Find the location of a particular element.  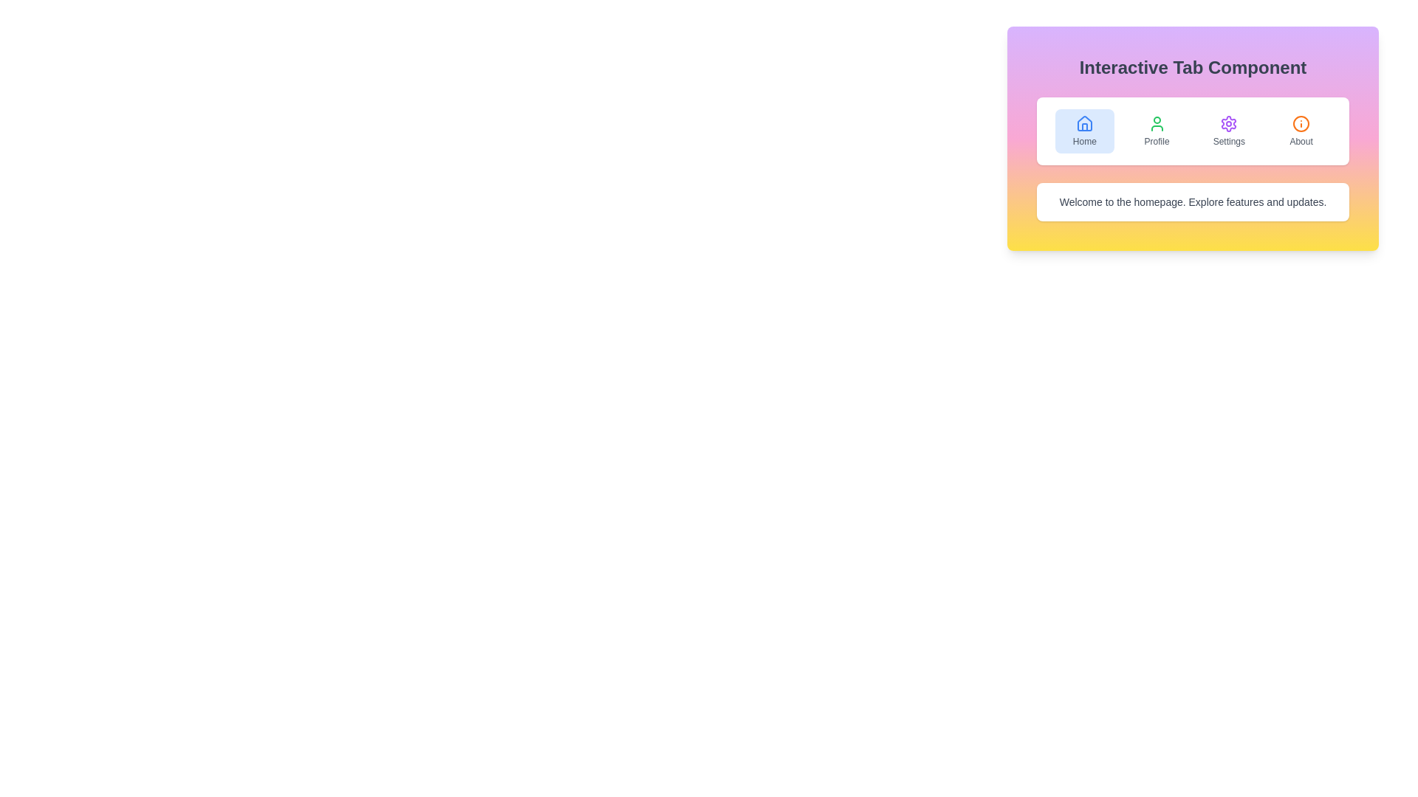

the About tab by clicking on its button is located at coordinates (1301, 130).